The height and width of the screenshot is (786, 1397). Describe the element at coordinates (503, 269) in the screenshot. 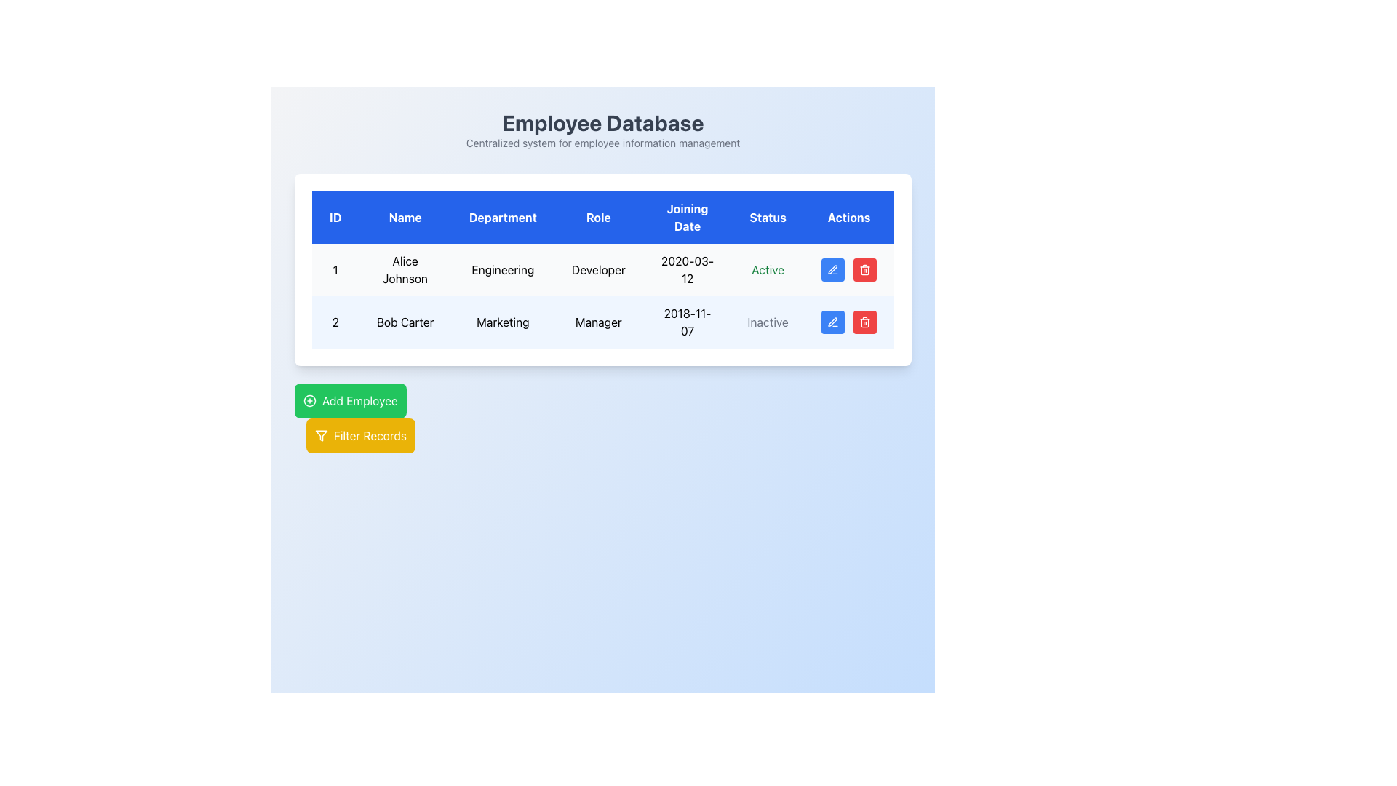

I see `the Static Text Label displaying 'Engineering' in black font, located in the third column of the table under the 'Department' heading` at that location.